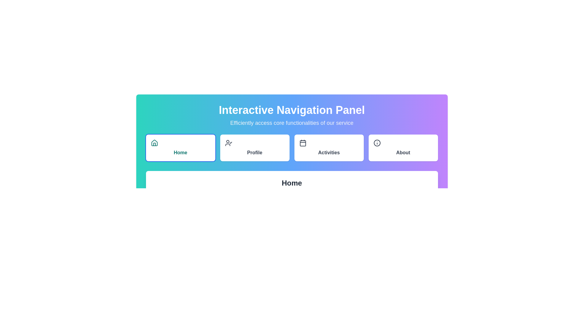 The height and width of the screenshot is (328, 584). Describe the element at coordinates (180, 148) in the screenshot. I see `the leftmost navigation button under the 'Interactive Navigation Panel' to activate its hover effect` at that location.